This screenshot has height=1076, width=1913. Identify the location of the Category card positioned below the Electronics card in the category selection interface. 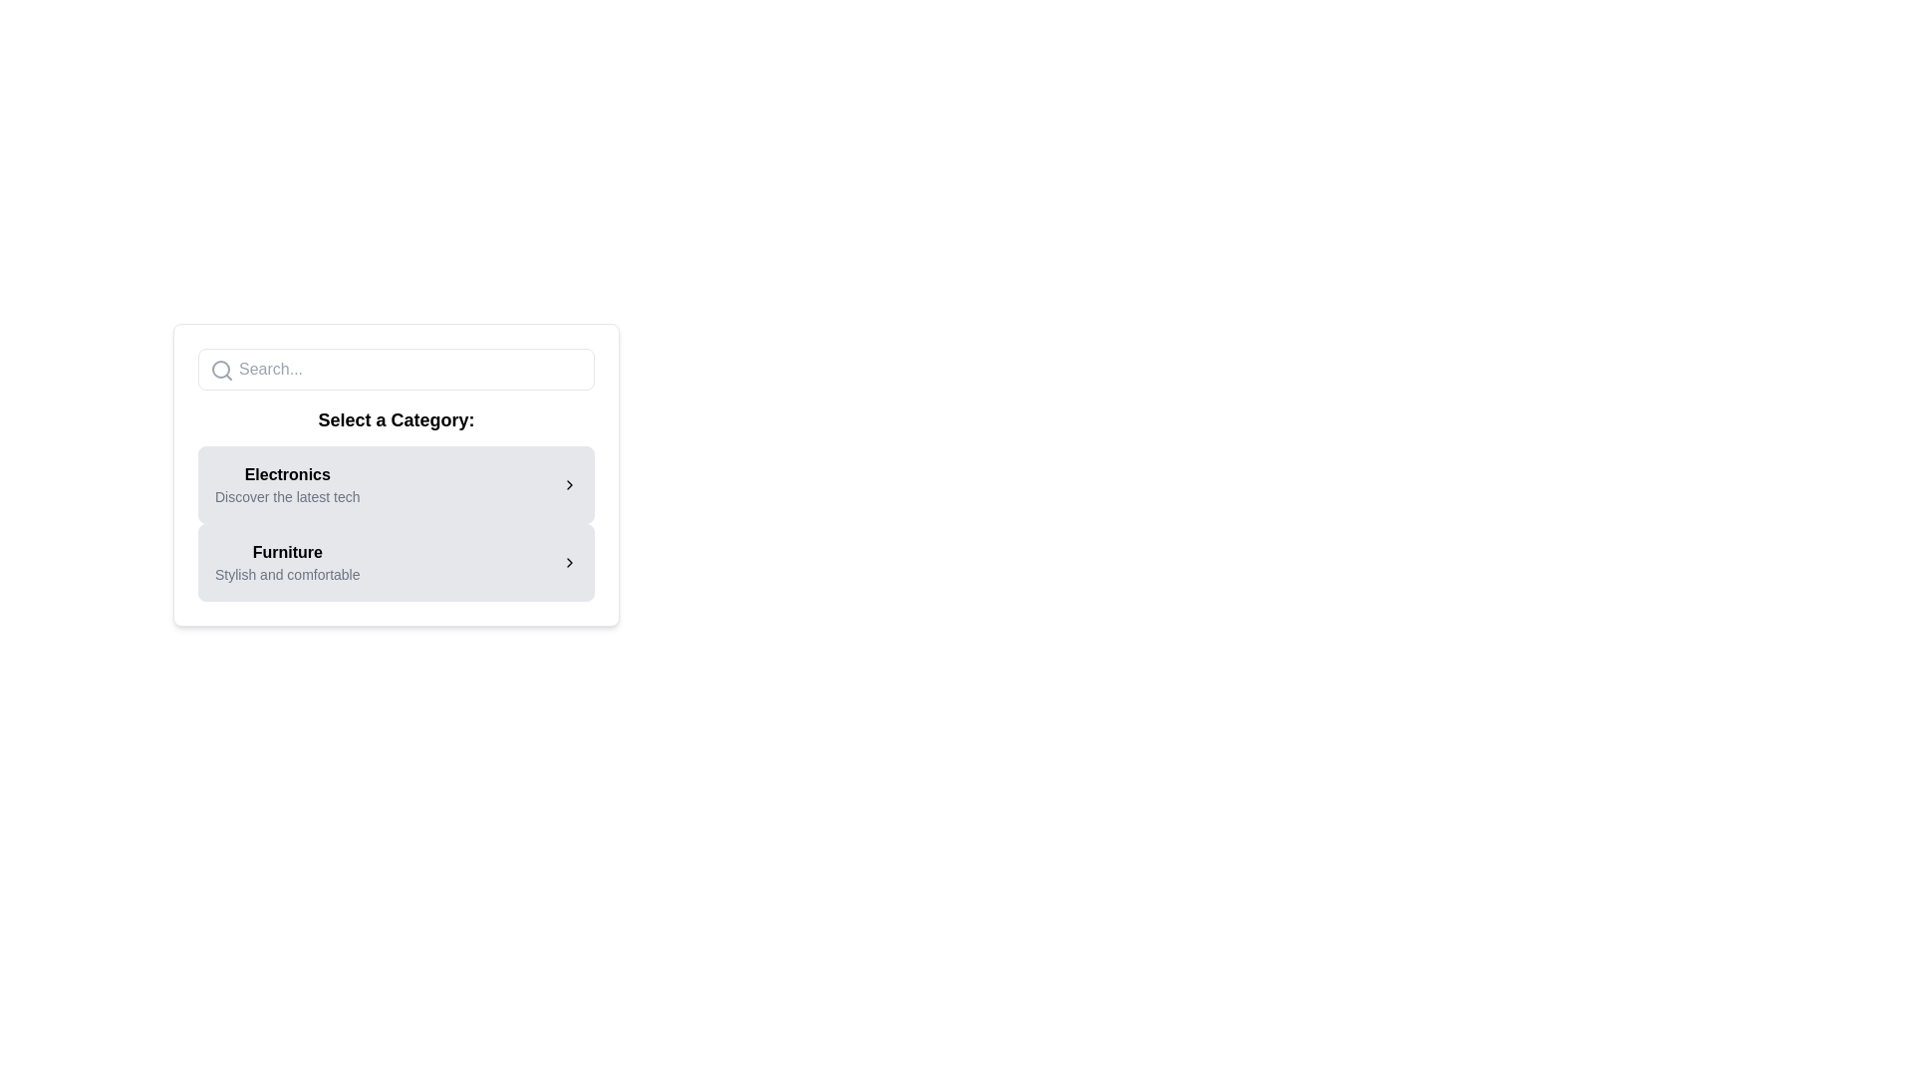
(397, 562).